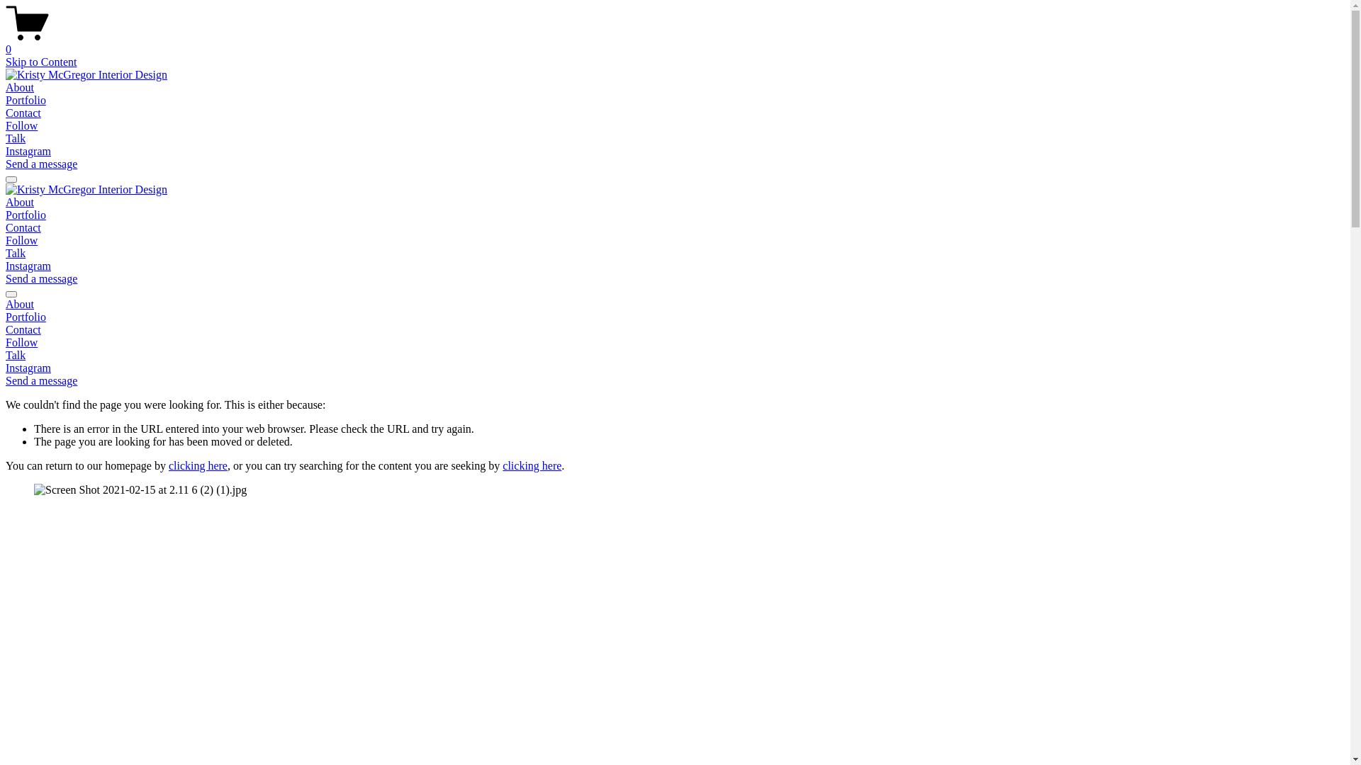  What do you see at coordinates (26, 99) in the screenshot?
I see `'Portfolio'` at bounding box center [26, 99].